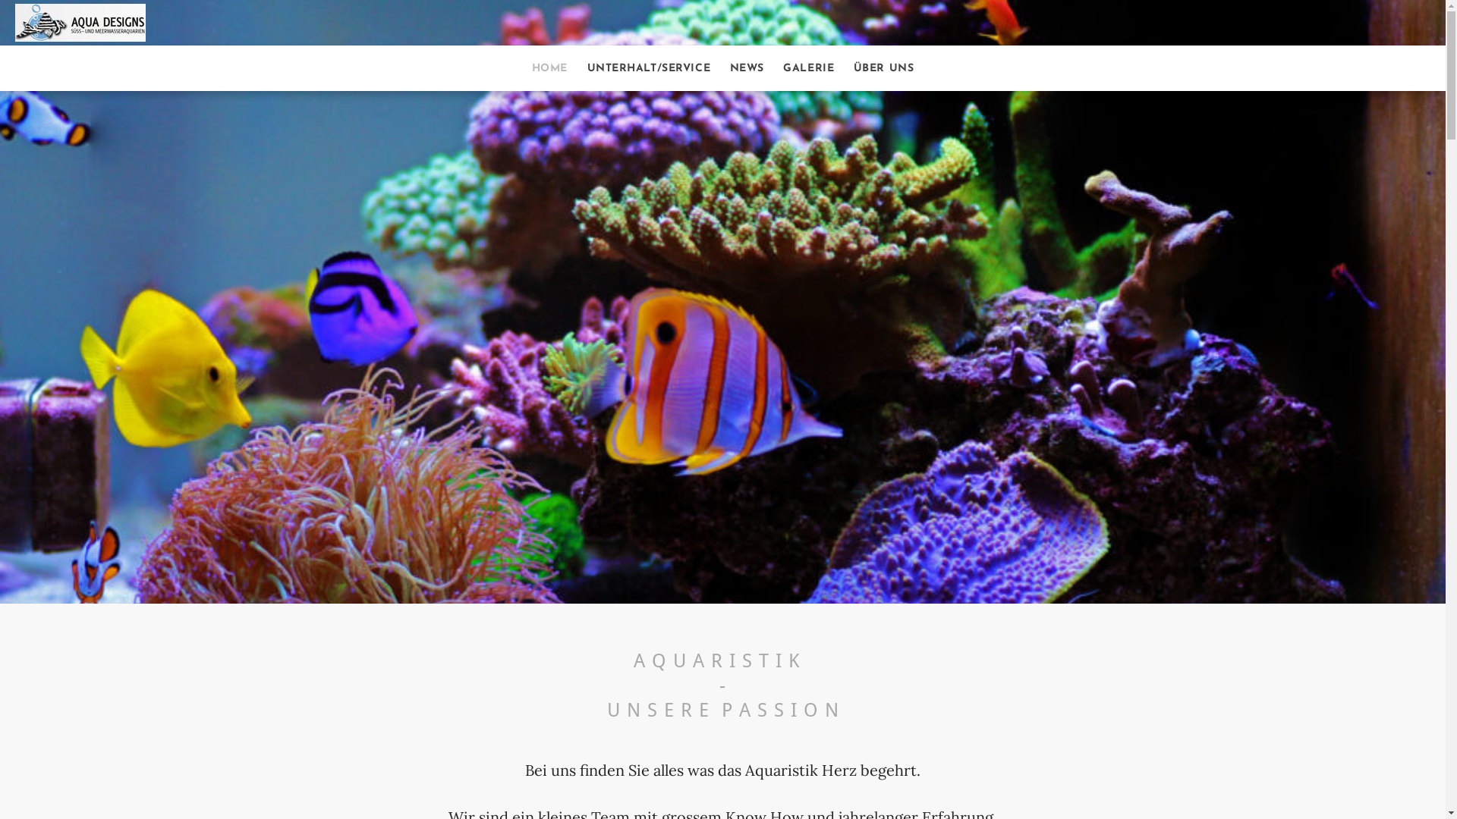 The width and height of the screenshot is (1457, 819). Describe the element at coordinates (807, 68) in the screenshot. I see `'GALERIE'` at that location.